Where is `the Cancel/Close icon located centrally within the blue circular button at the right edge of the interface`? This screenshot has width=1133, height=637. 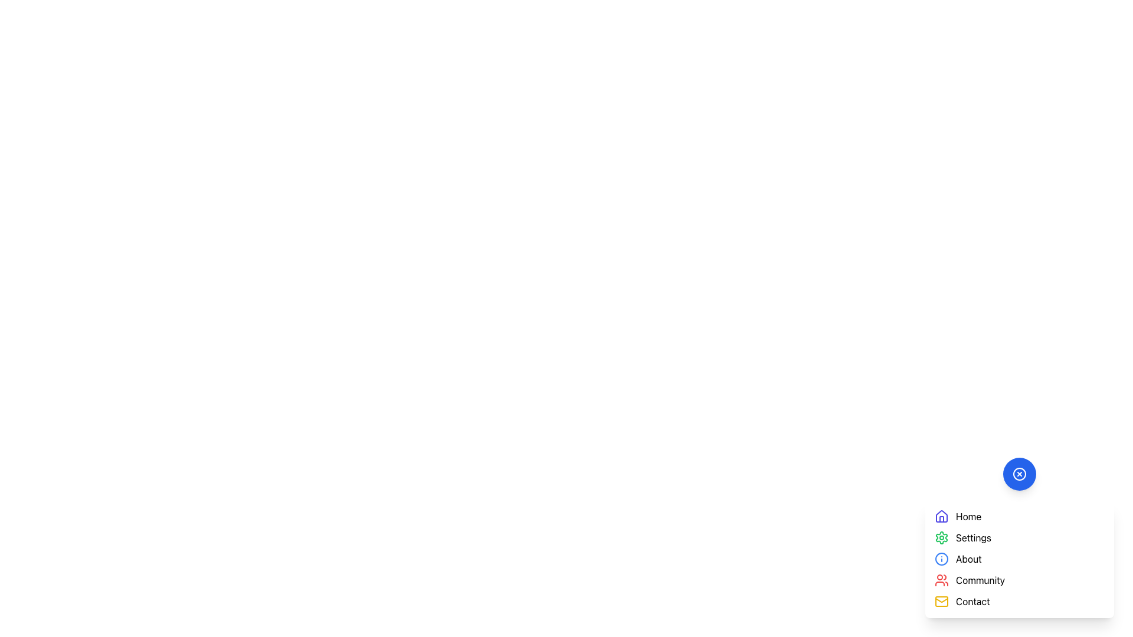 the Cancel/Close icon located centrally within the blue circular button at the right edge of the interface is located at coordinates (1019, 473).